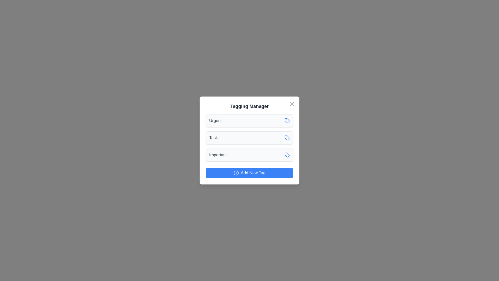 The height and width of the screenshot is (281, 499). Describe the element at coordinates (249, 173) in the screenshot. I see `the 'Add New Tag' button` at that location.